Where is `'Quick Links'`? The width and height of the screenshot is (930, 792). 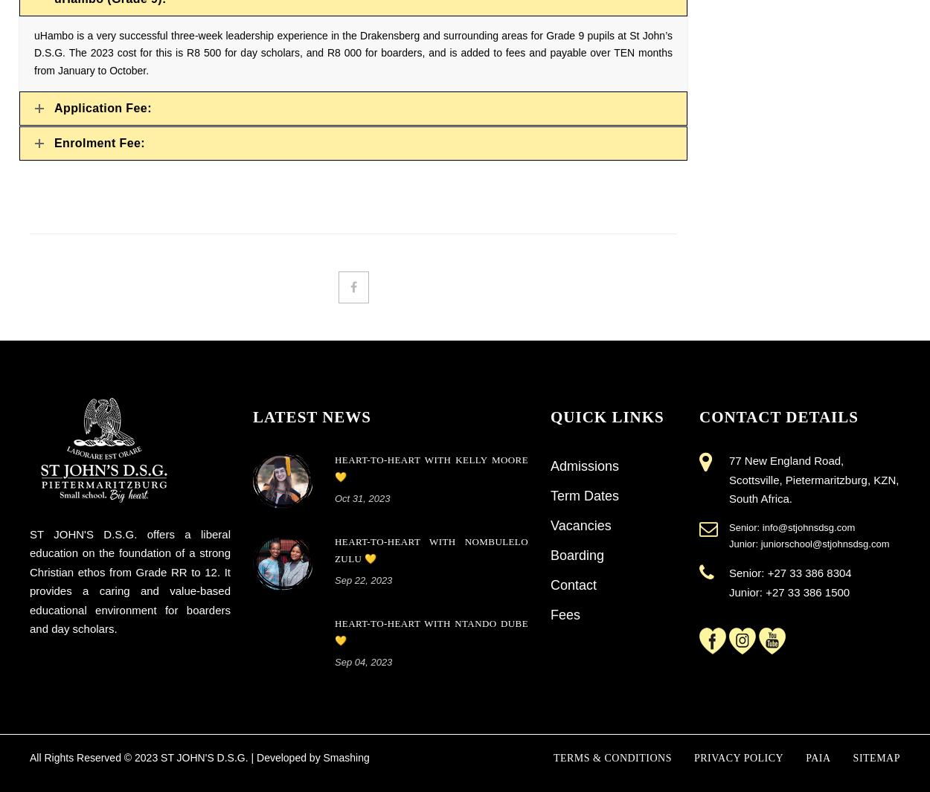 'Quick Links' is located at coordinates (606, 416).